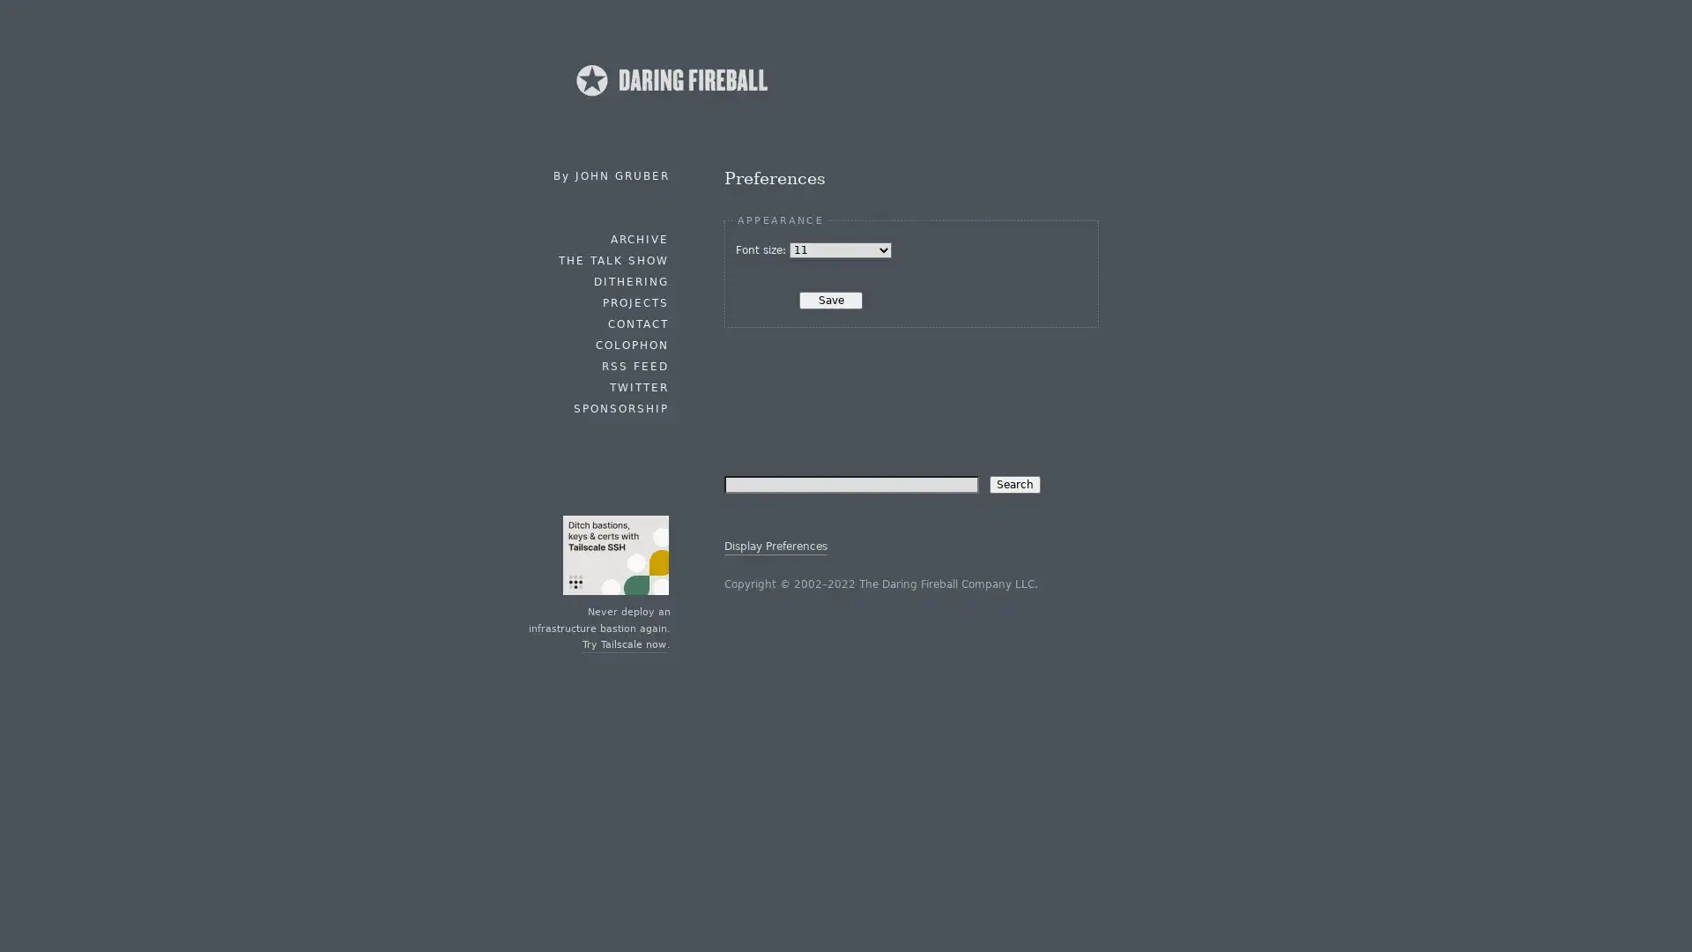 The width and height of the screenshot is (1692, 952). Describe the element at coordinates (829, 299) in the screenshot. I see `Save` at that location.